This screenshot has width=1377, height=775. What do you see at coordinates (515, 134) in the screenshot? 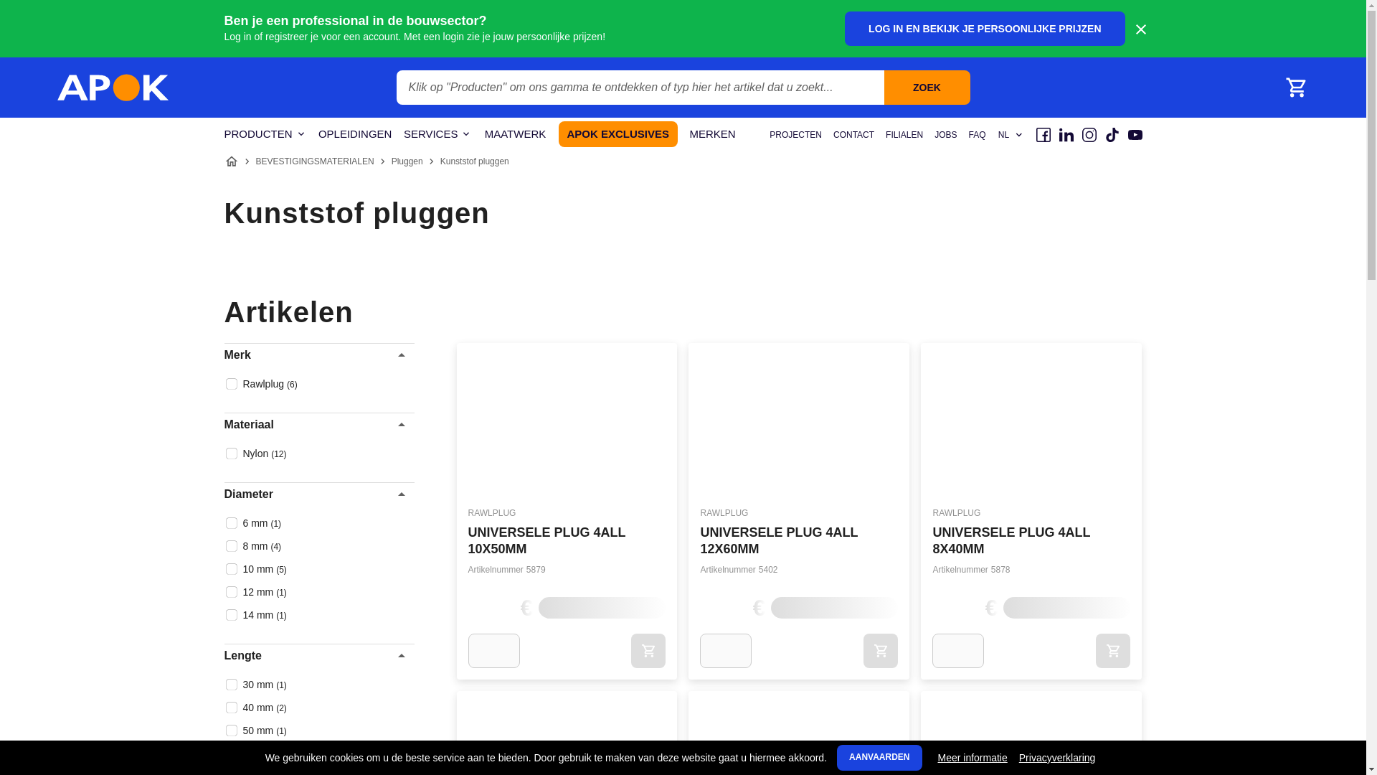
I see `'MAATWERK'` at bounding box center [515, 134].